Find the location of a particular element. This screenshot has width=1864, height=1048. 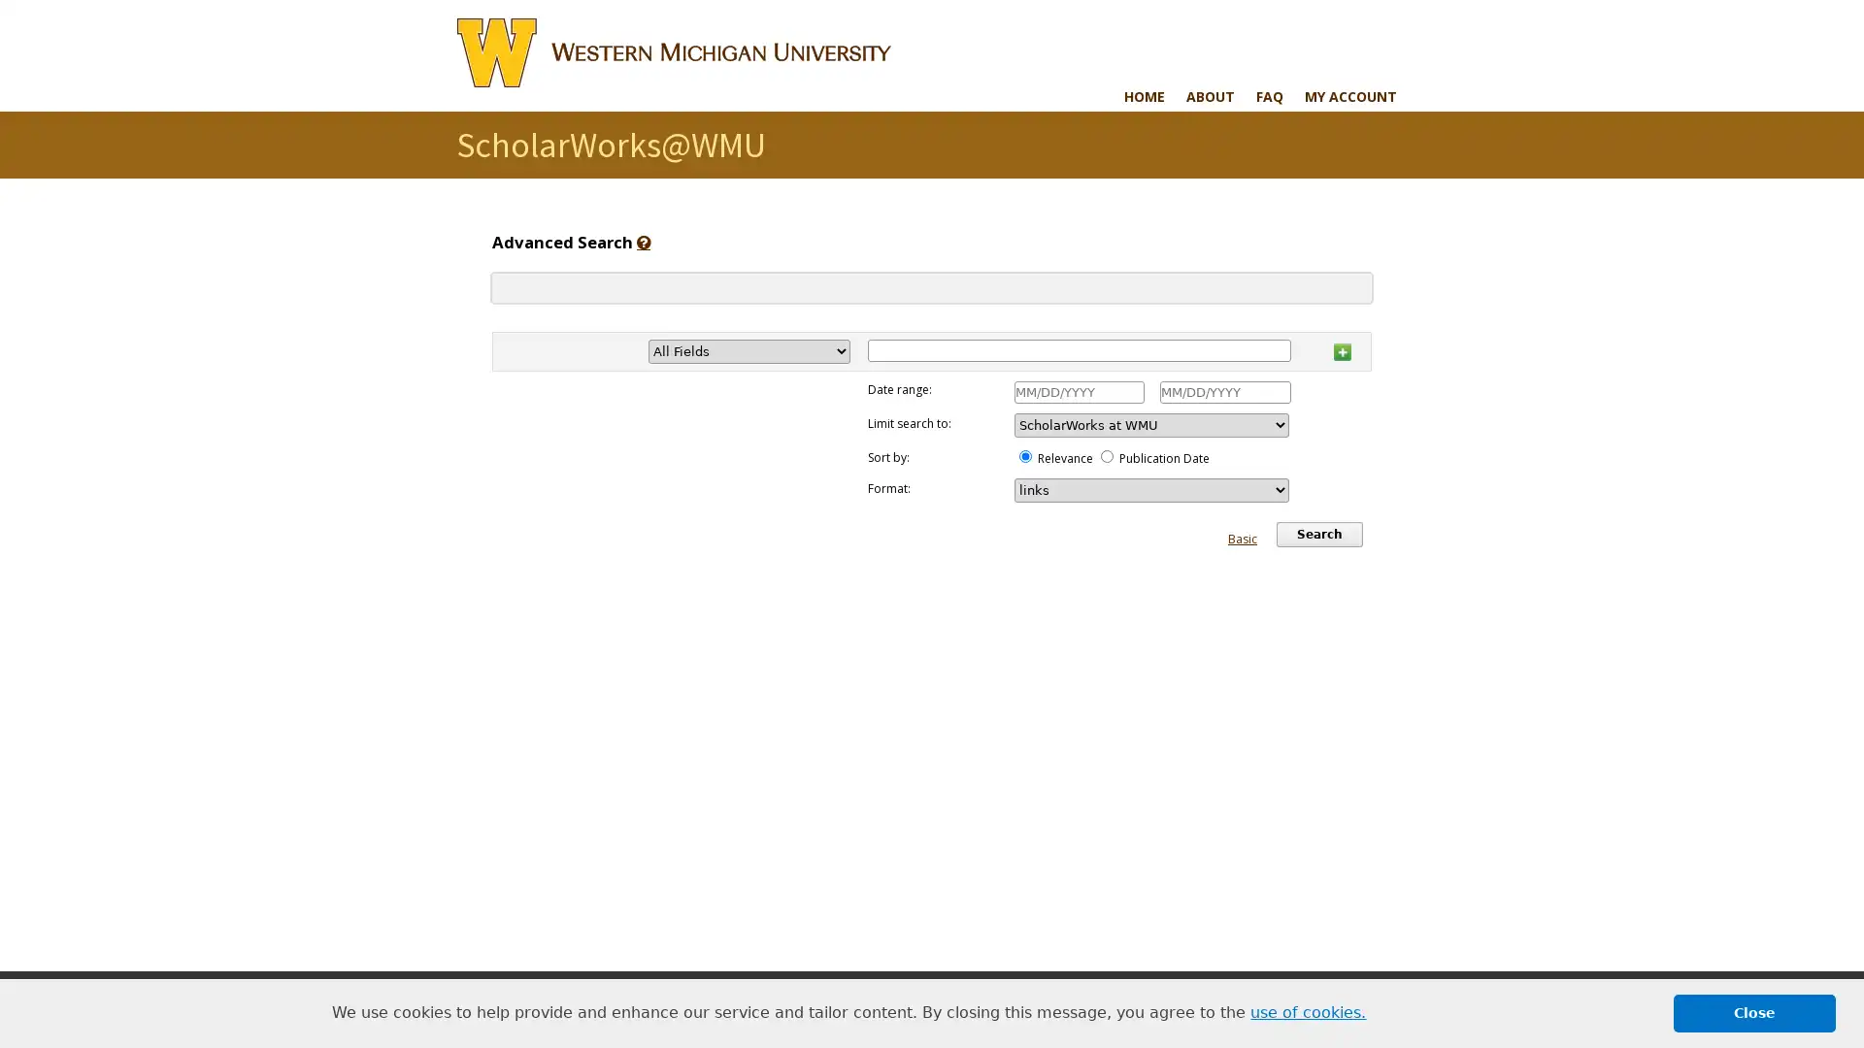

learn more about cookies is located at coordinates (1308, 1012).